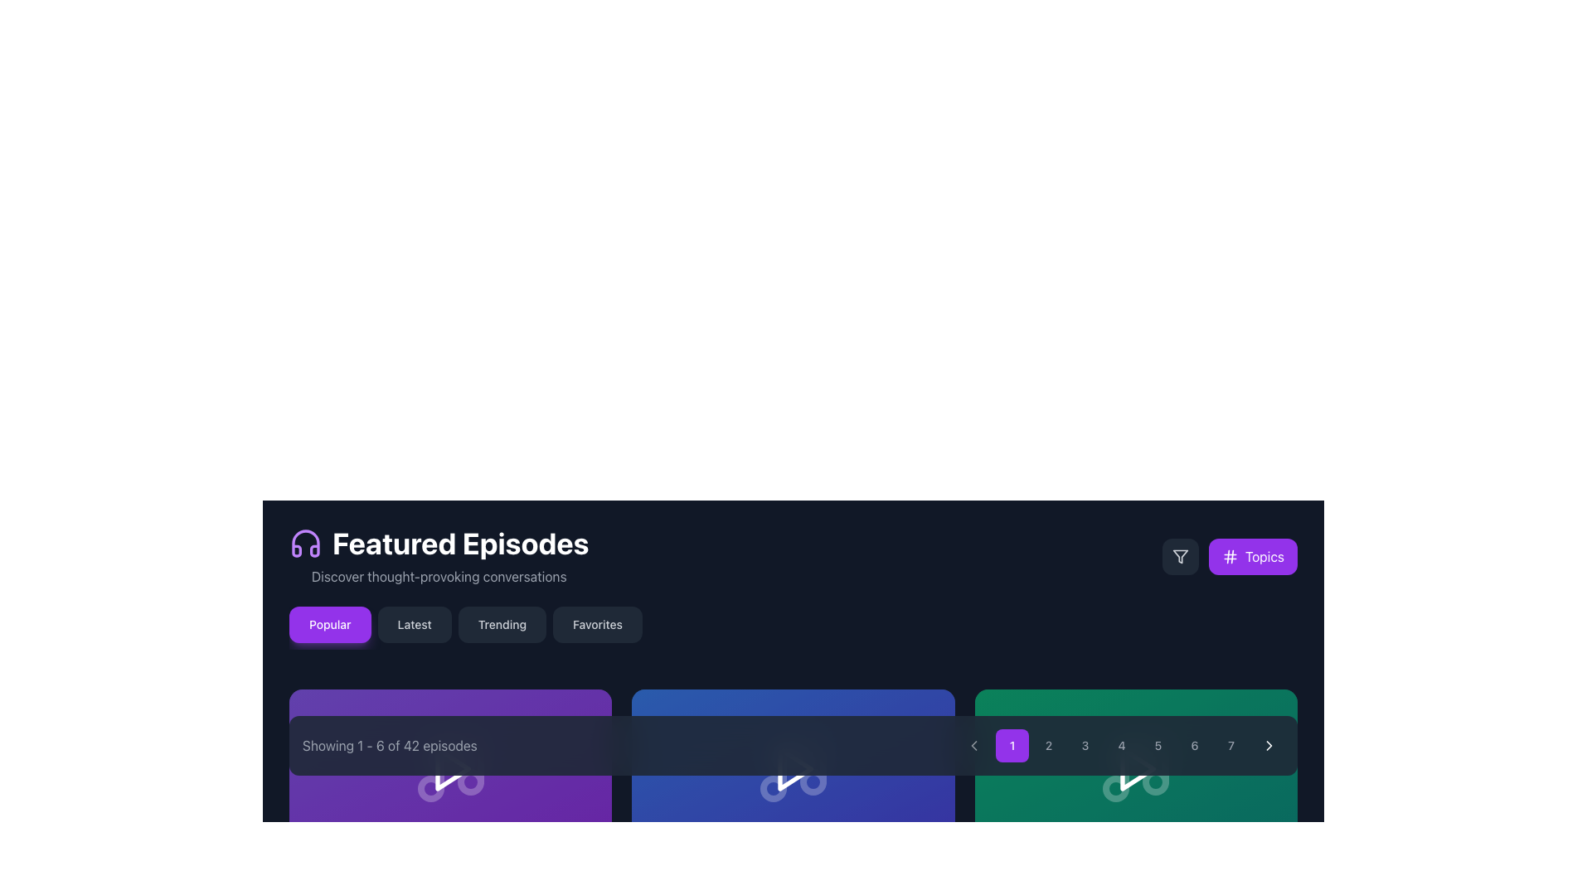 This screenshot has width=1592, height=895. I want to click on the 'Popular' button with a vibrant purple background and bold white text, so click(330, 624).